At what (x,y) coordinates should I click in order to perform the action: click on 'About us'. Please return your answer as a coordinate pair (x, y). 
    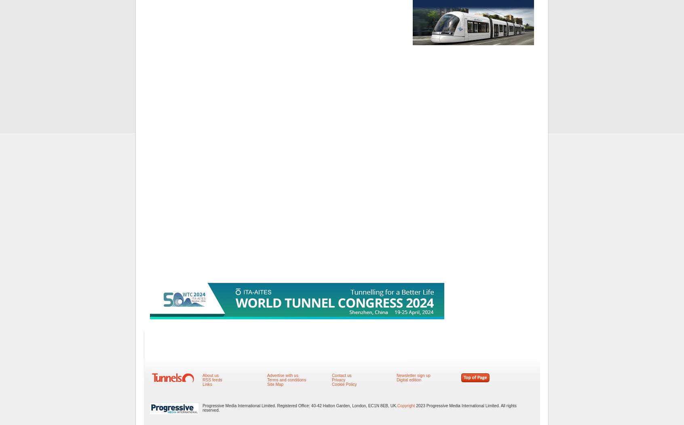
    Looking at the image, I should click on (210, 375).